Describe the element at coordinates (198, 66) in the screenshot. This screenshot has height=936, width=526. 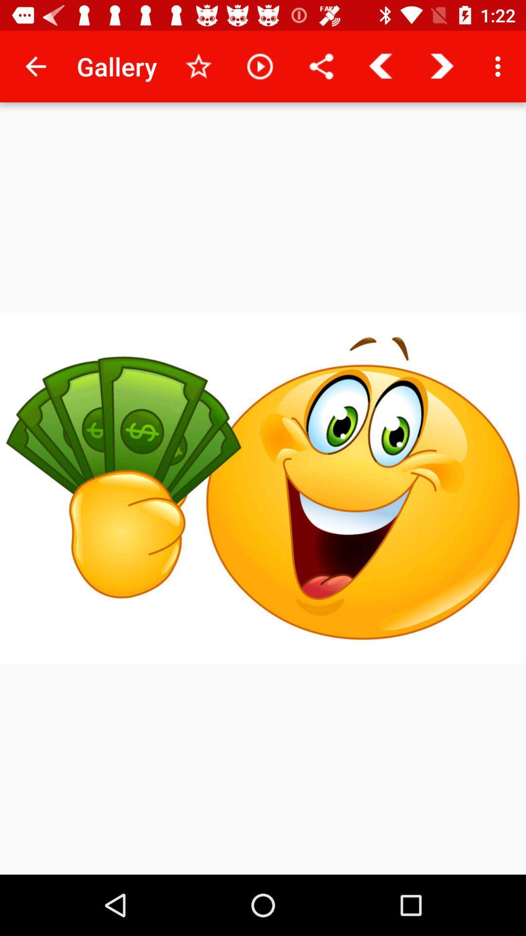
I see `item to the right of the gallery` at that location.